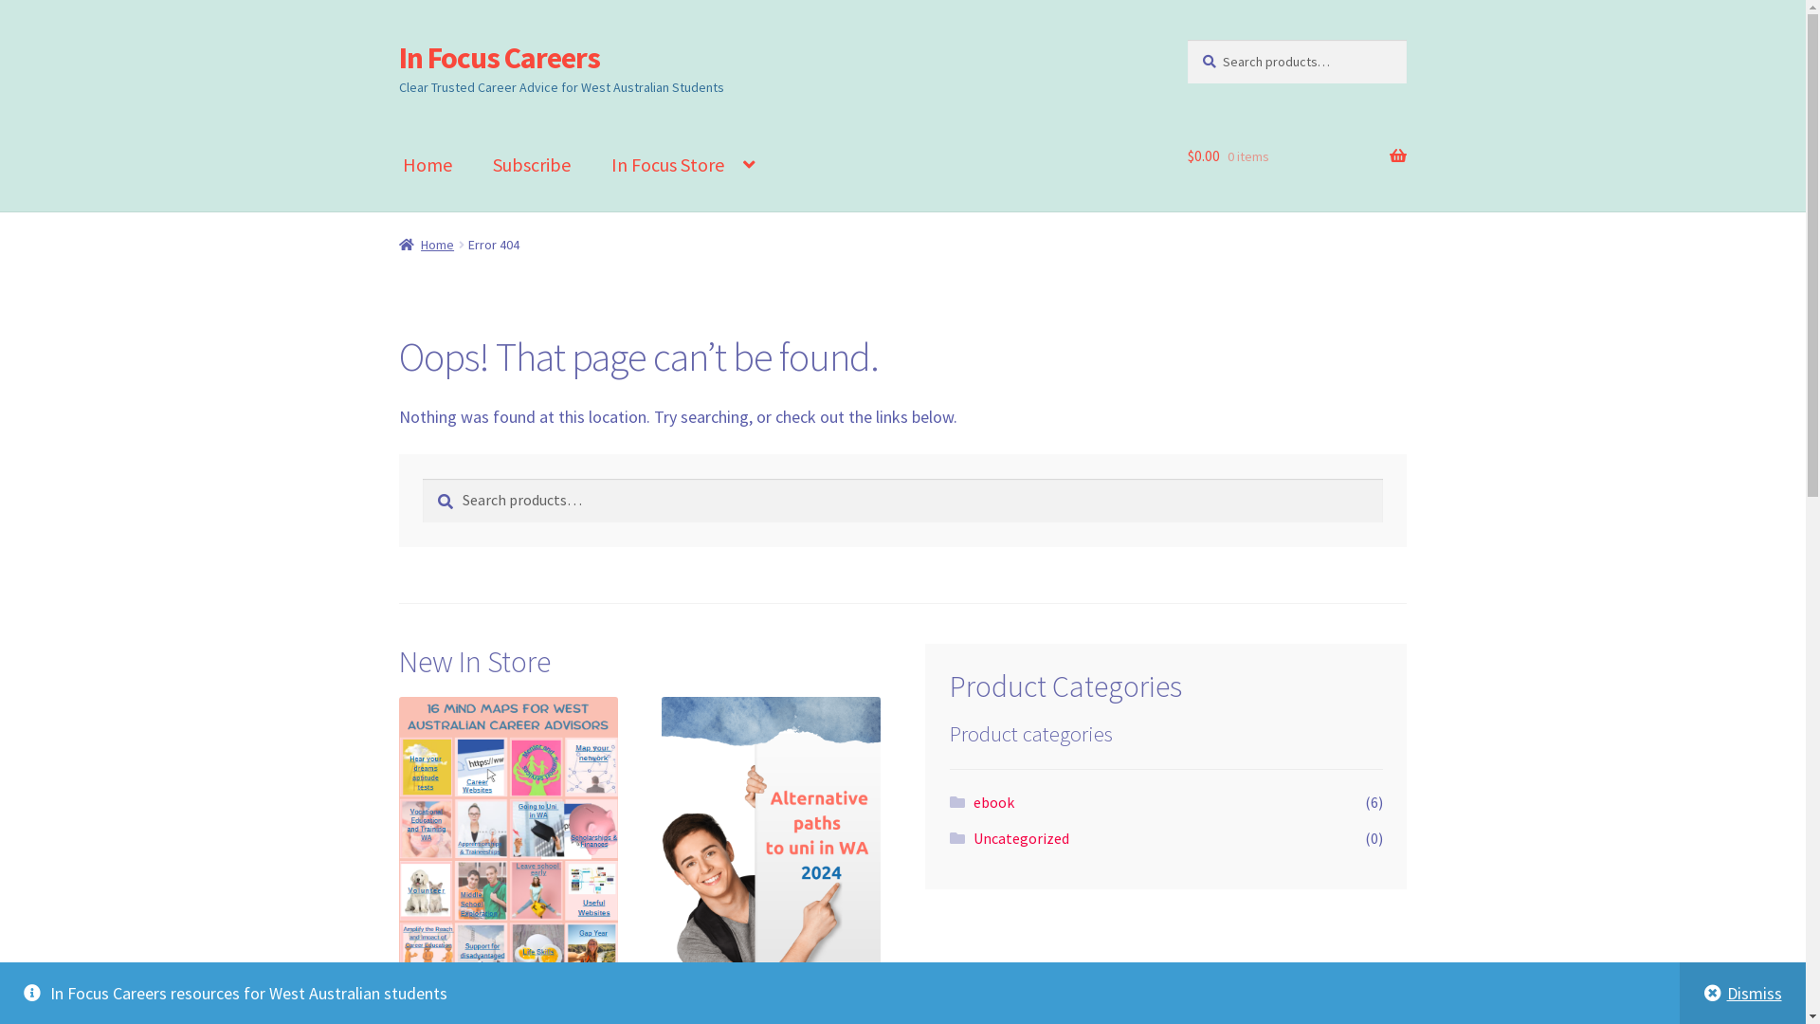  What do you see at coordinates (1020, 836) in the screenshot?
I see `'Uncategorized'` at bounding box center [1020, 836].